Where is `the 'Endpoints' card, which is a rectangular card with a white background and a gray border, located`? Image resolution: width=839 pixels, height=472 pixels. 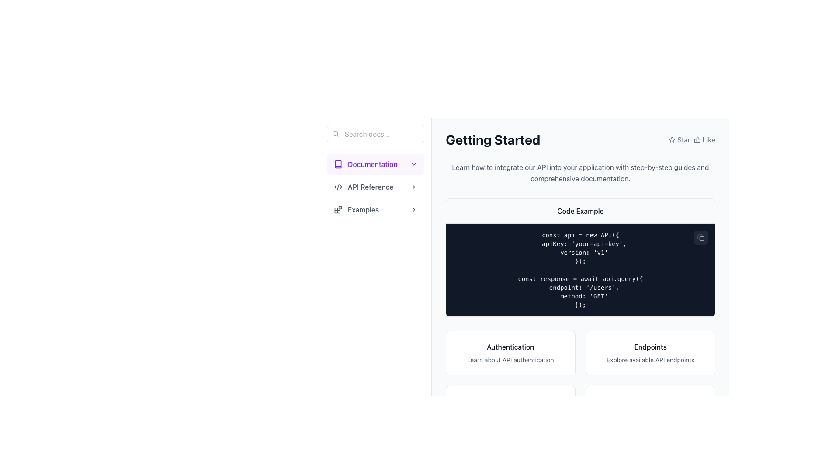
the 'Endpoints' card, which is a rectangular card with a white background and a gray border, located is located at coordinates (650, 352).